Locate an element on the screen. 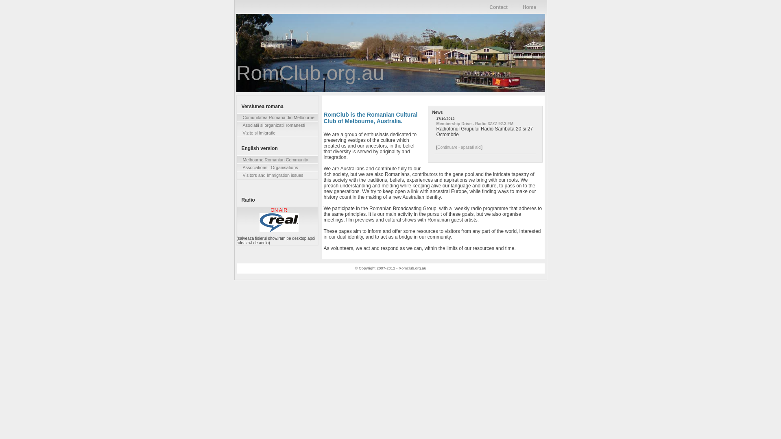  'Comunitatea Romana din Melbourne' is located at coordinates (236, 117).